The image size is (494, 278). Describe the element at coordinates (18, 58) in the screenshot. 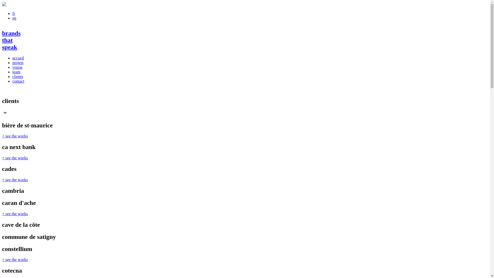

I see `'accueil'` at that location.